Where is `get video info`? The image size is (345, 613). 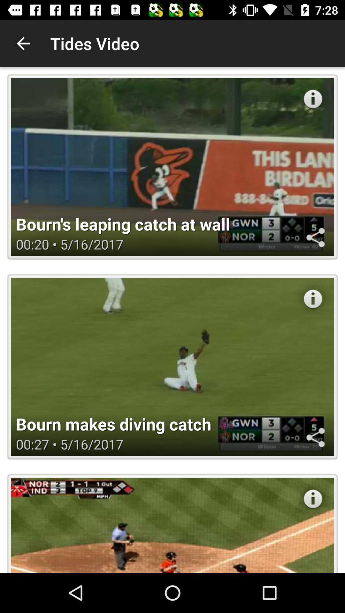 get video info is located at coordinates (312, 299).